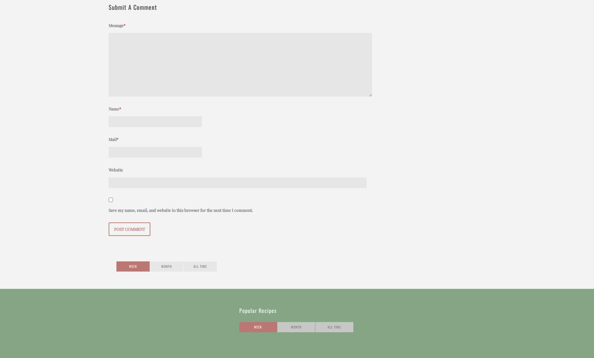 This screenshot has height=358, width=594. I want to click on 'Mail', so click(112, 139).